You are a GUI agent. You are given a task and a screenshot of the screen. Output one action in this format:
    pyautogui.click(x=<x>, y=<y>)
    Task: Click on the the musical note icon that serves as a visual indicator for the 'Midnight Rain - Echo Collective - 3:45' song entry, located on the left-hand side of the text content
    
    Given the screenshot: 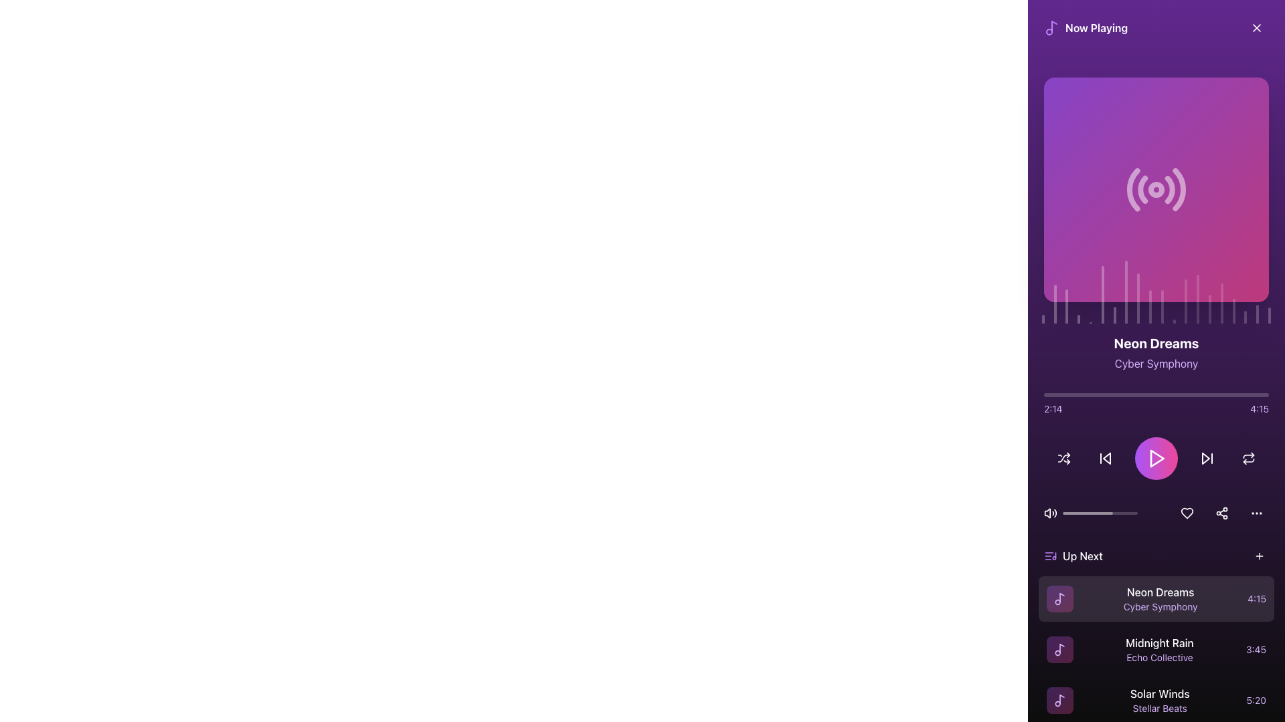 What is the action you would take?
    pyautogui.click(x=1059, y=649)
    